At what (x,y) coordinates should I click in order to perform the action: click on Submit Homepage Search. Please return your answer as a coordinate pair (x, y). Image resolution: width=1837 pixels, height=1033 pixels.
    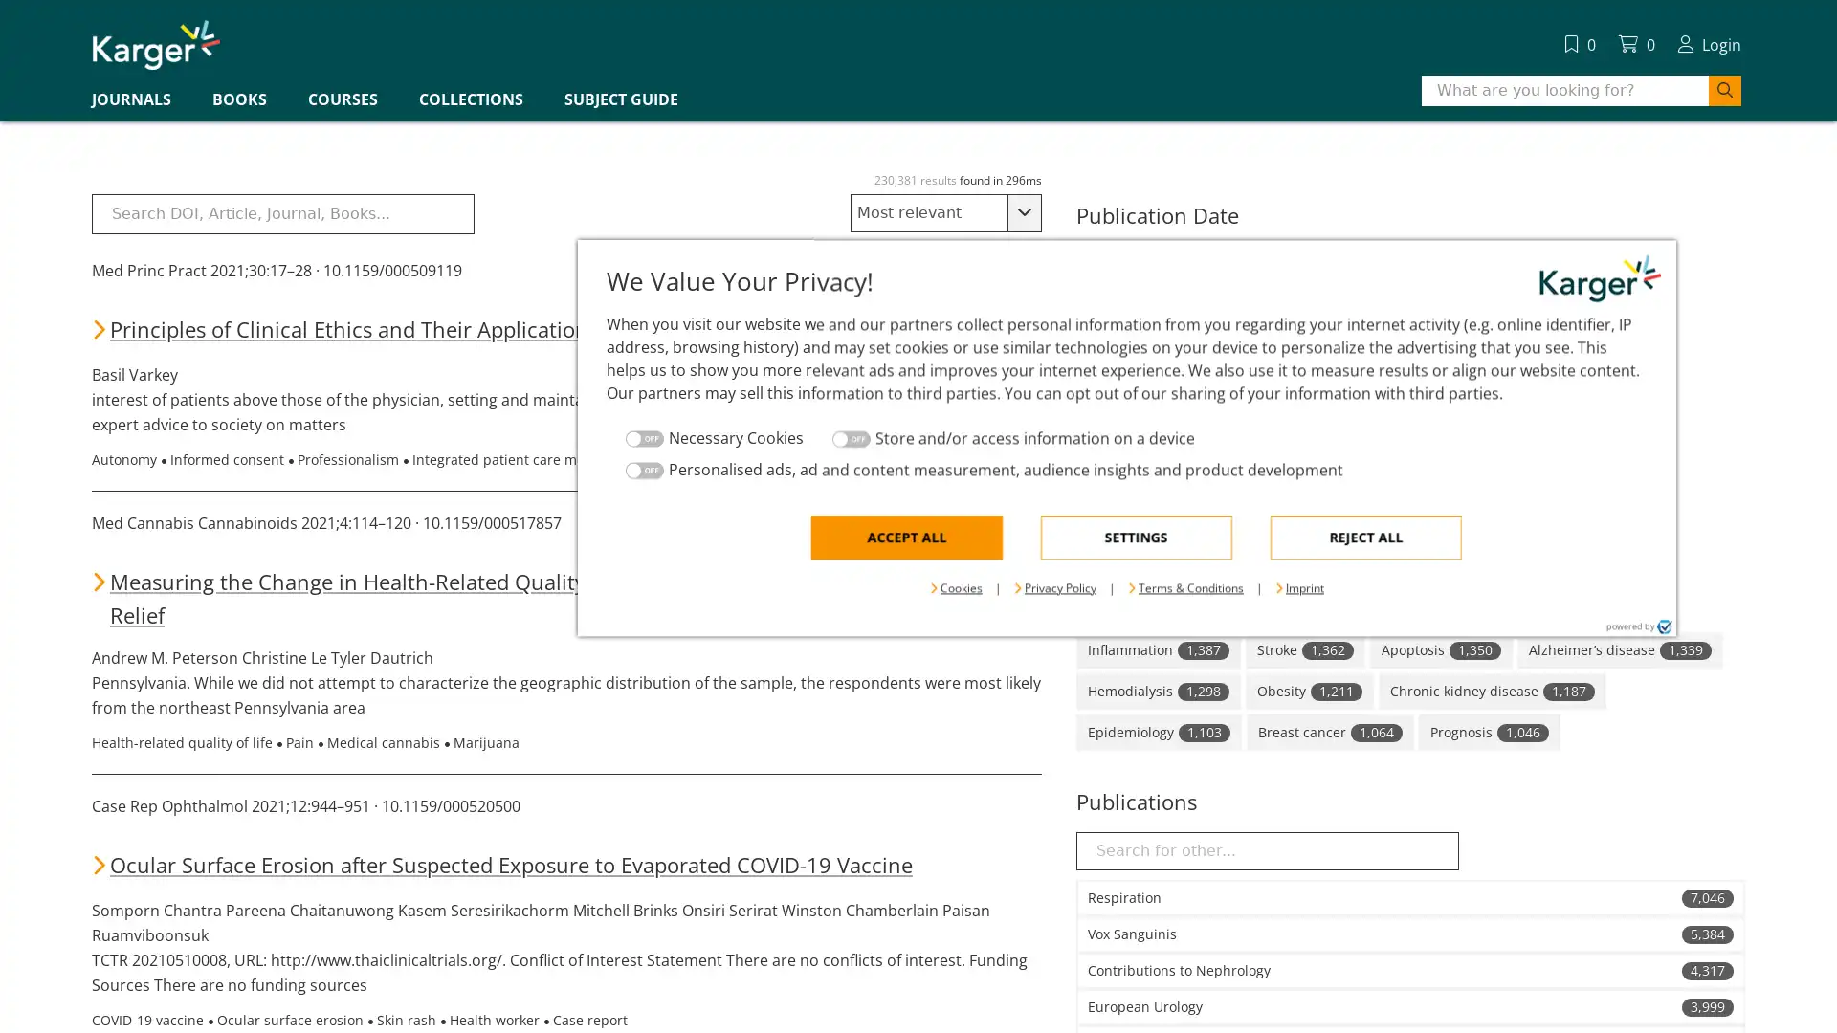
    Looking at the image, I should click on (1156, 154).